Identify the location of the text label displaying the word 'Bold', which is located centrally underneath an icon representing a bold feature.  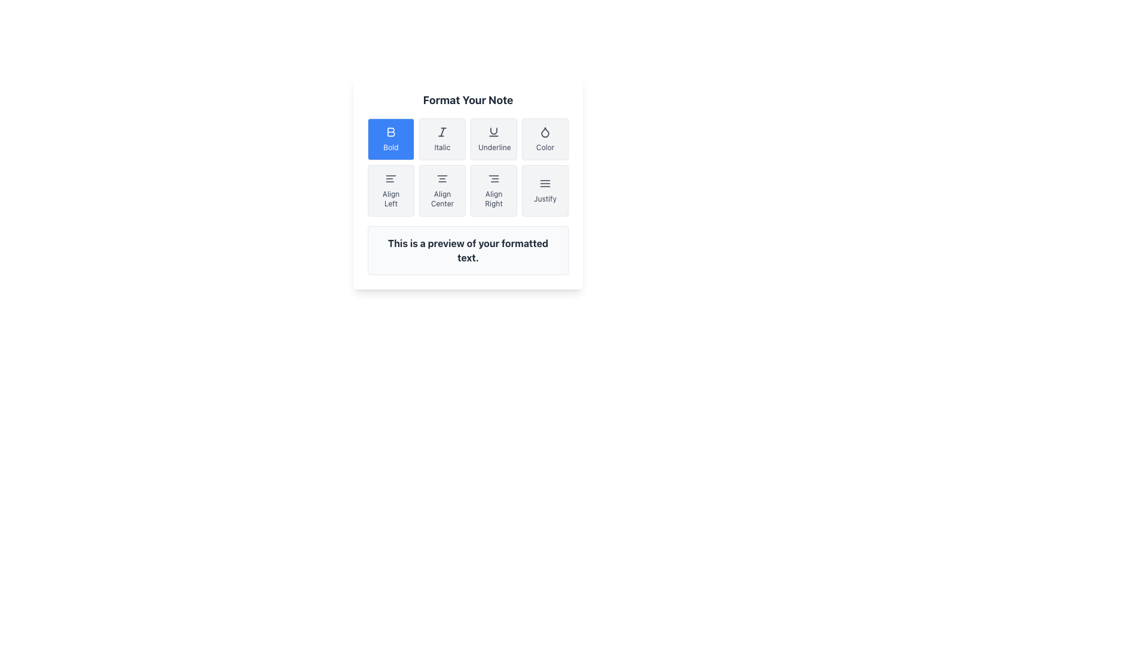
(390, 147).